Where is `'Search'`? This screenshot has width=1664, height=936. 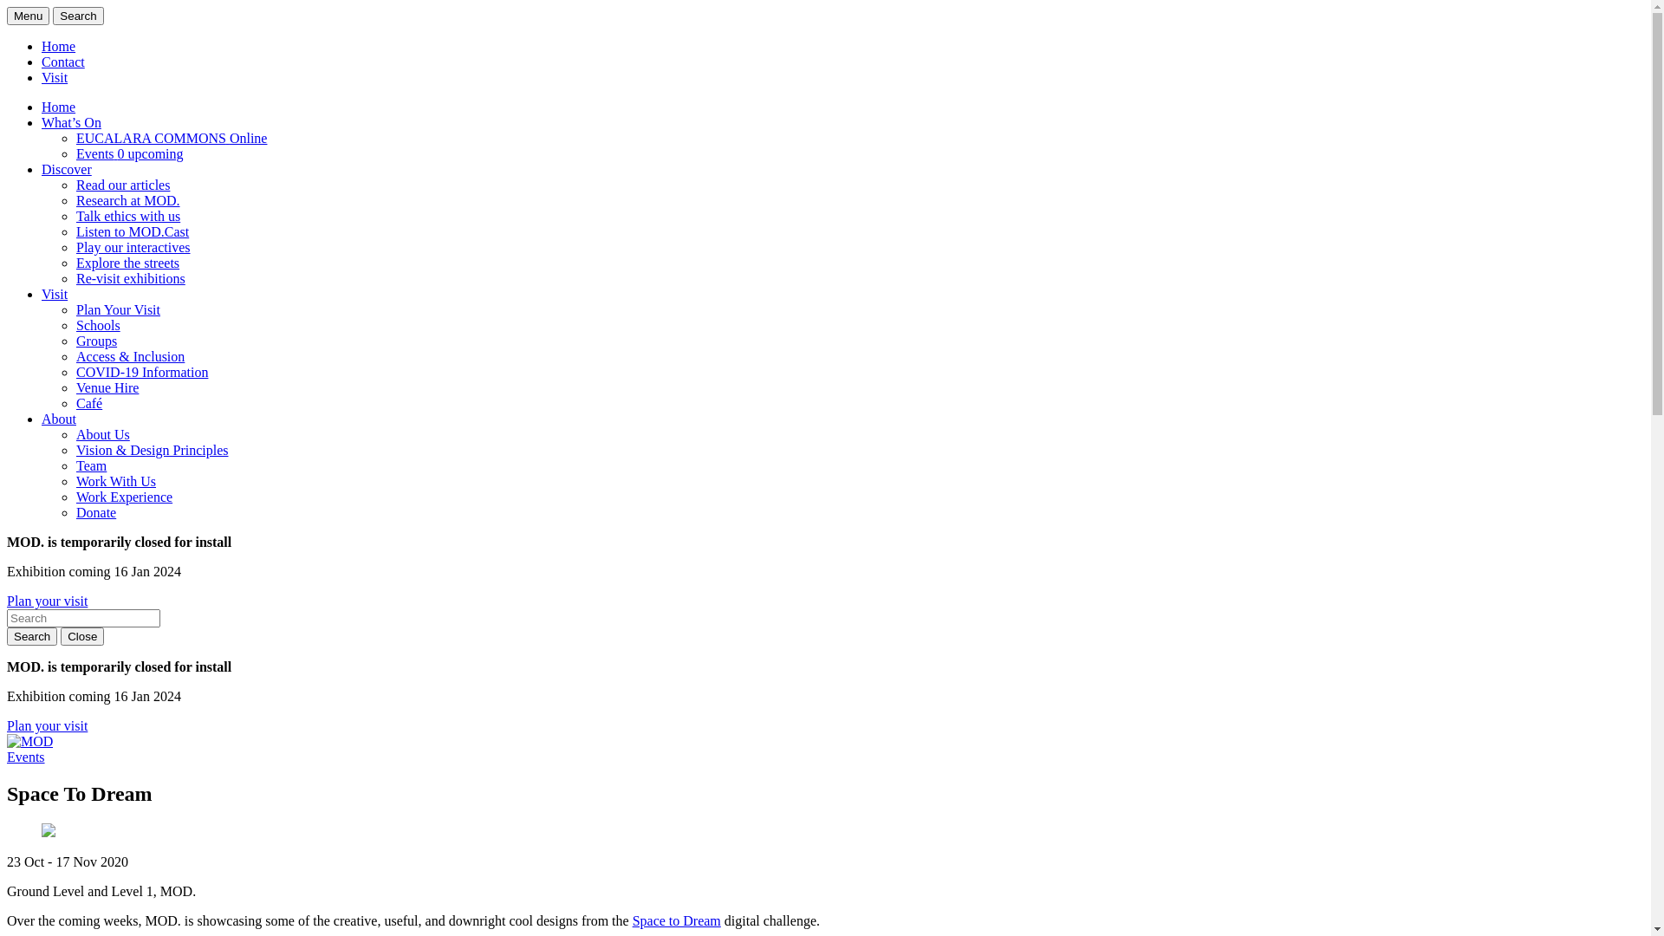 'Search' is located at coordinates (53, 16).